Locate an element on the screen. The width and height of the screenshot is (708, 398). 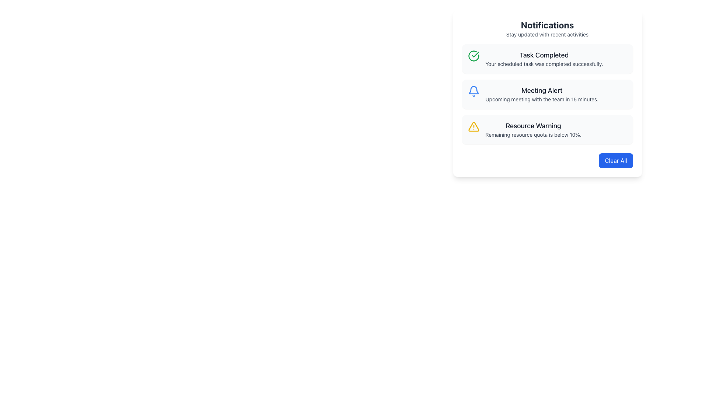
the success icon located in the leftmost section of the 'Task Completed' notification box to visually reinforce the completion status of the task is located at coordinates (473, 55).